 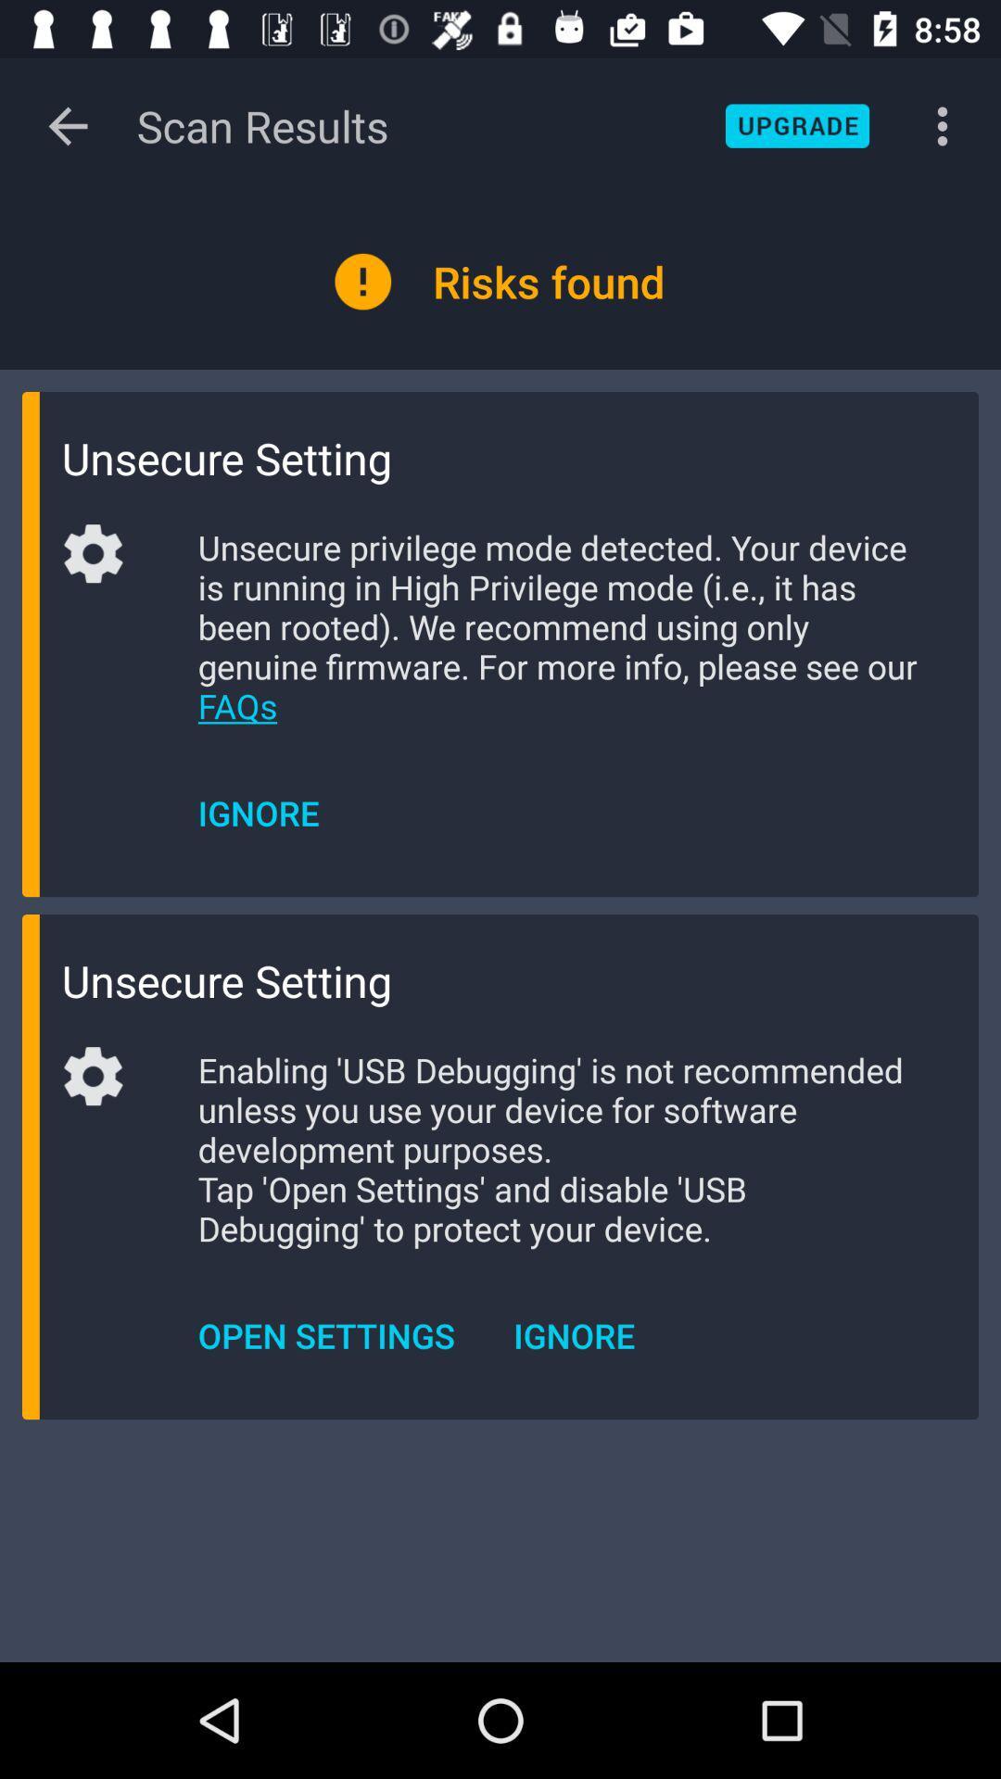 I want to click on the unsecure privilege mode icon, so click(x=559, y=626).